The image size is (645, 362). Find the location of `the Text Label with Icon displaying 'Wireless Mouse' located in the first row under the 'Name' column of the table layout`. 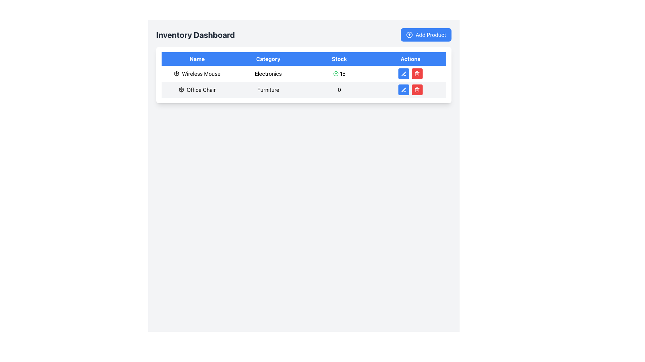

the Text Label with Icon displaying 'Wireless Mouse' located in the first row under the 'Name' column of the table layout is located at coordinates (197, 73).